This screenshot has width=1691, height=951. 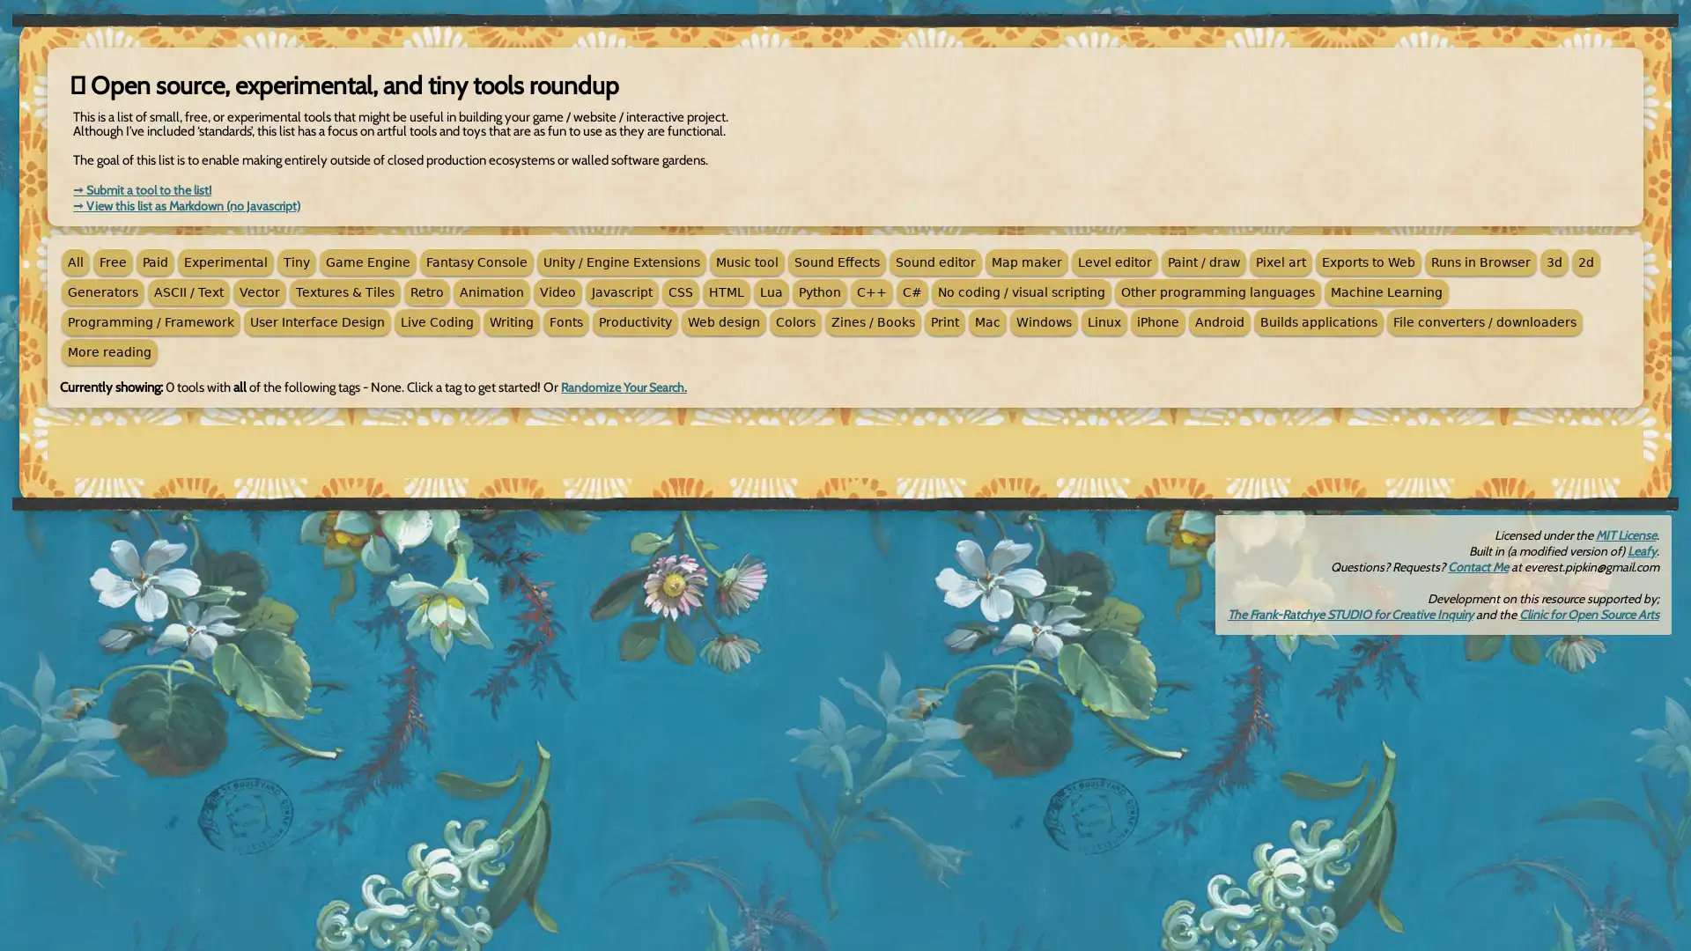 What do you see at coordinates (772, 291) in the screenshot?
I see `Lua` at bounding box center [772, 291].